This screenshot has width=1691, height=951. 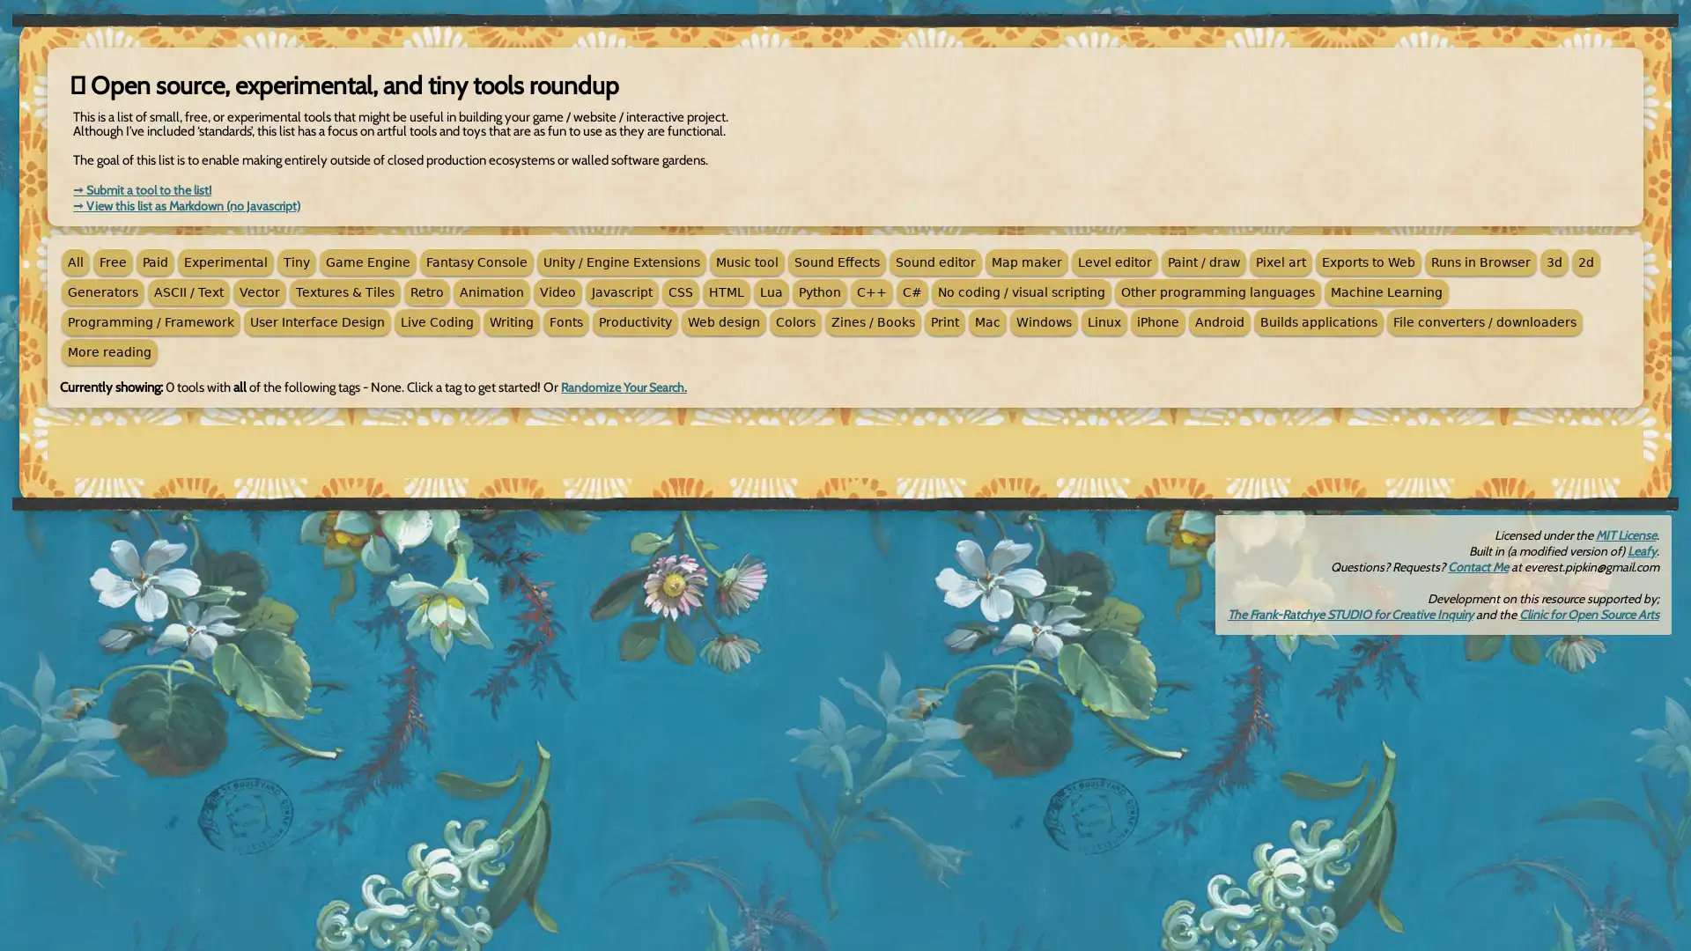 What do you see at coordinates (772, 291) in the screenshot?
I see `Lua` at bounding box center [772, 291].